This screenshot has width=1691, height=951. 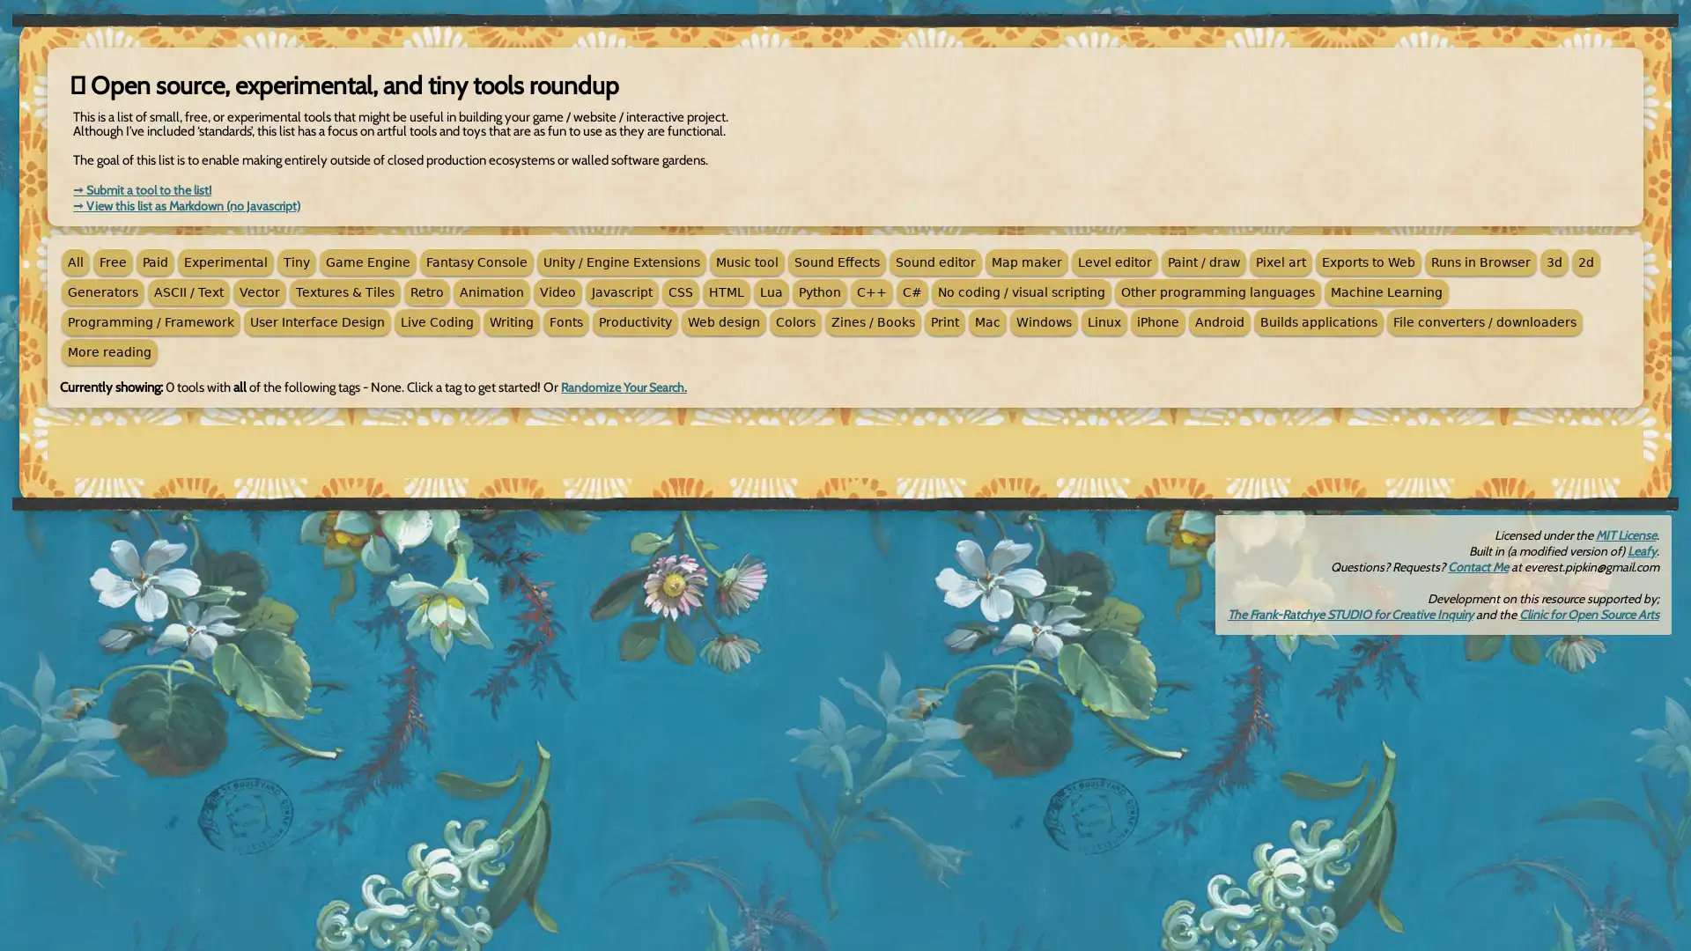 What do you see at coordinates (772, 291) in the screenshot?
I see `Lua` at bounding box center [772, 291].